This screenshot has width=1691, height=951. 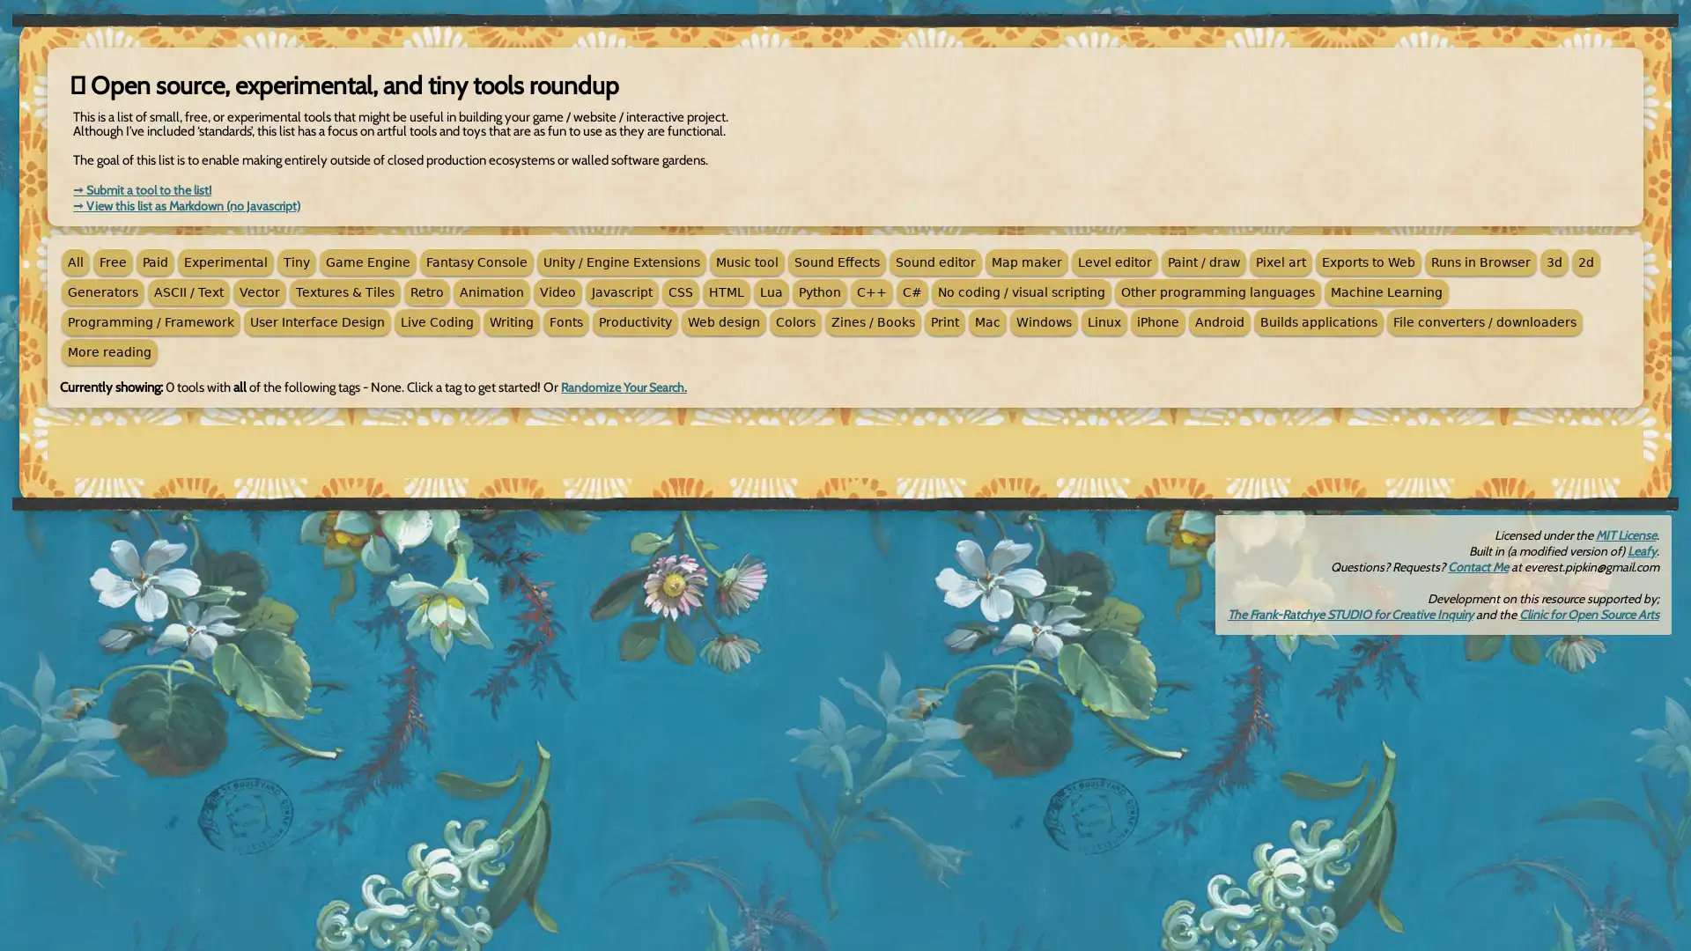 What do you see at coordinates (772, 291) in the screenshot?
I see `Lua` at bounding box center [772, 291].